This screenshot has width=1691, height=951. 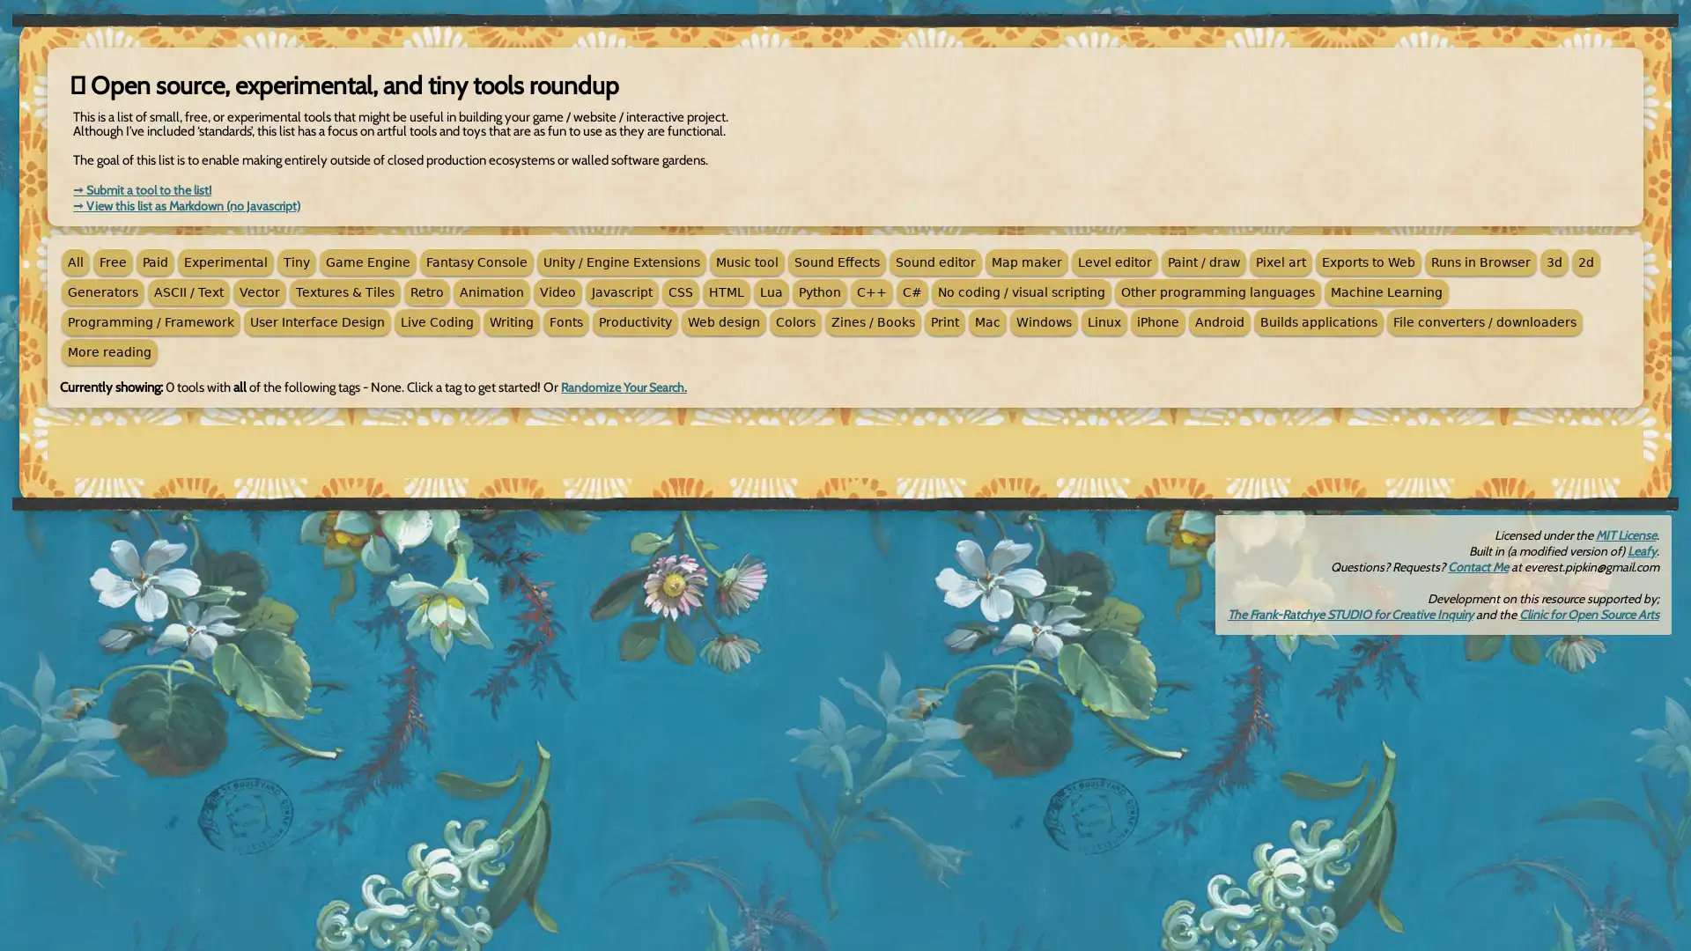 What do you see at coordinates (772, 291) in the screenshot?
I see `Lua` at bounding box center [772, 291].